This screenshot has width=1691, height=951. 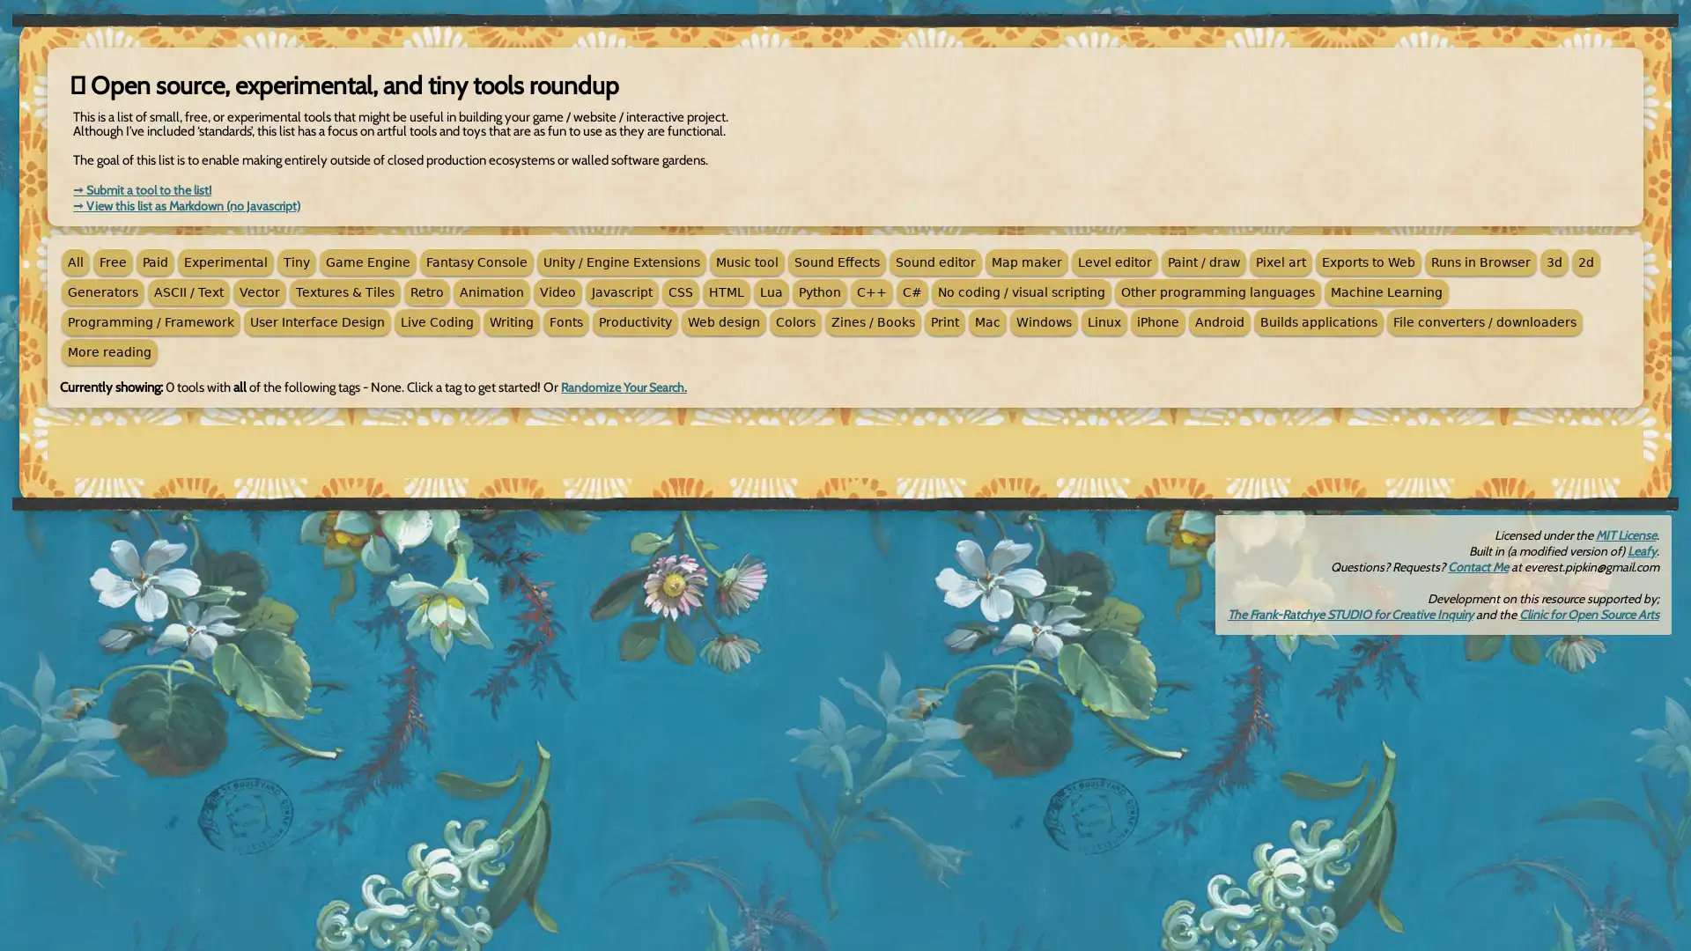 What do you see at coordinates (772, 291) in the screenshot?
I see `Lua` at bounding box center [772, 291].